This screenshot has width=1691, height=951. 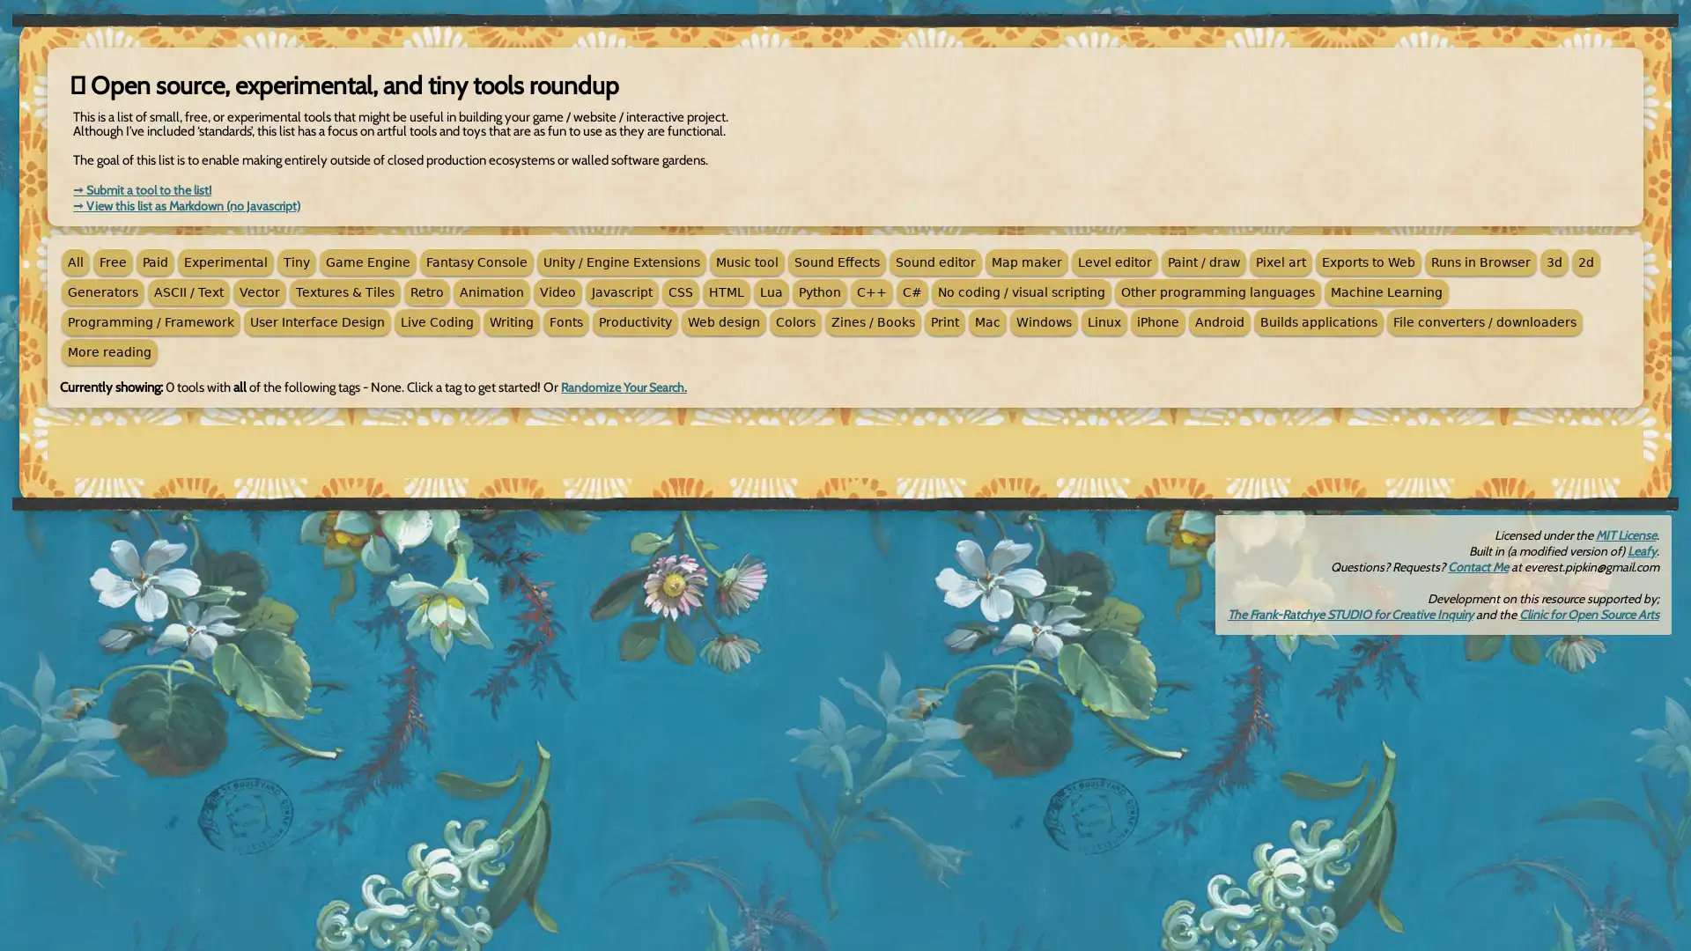 What do you see at coordinates (772, 291) in the screenshot?
I see `Lua` at bounding box center [772, 291].